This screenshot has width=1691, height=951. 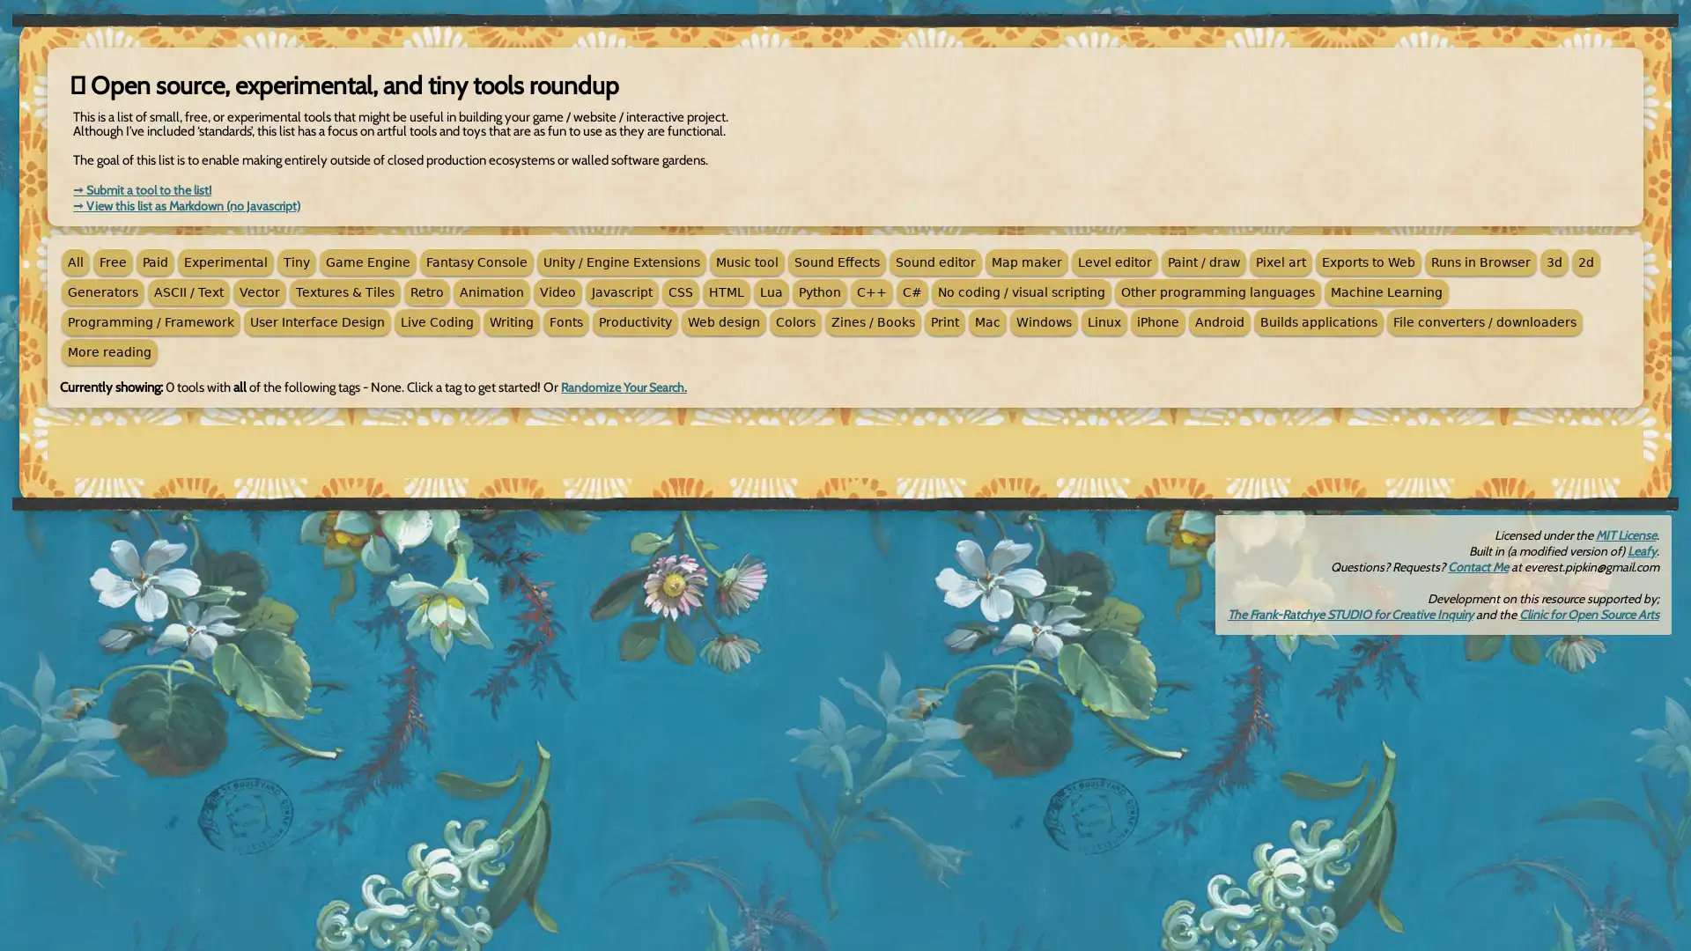 What do you see at coordinates (772, 291) in the screenshot?
I see `Lua` at bounding box center [772, 291].